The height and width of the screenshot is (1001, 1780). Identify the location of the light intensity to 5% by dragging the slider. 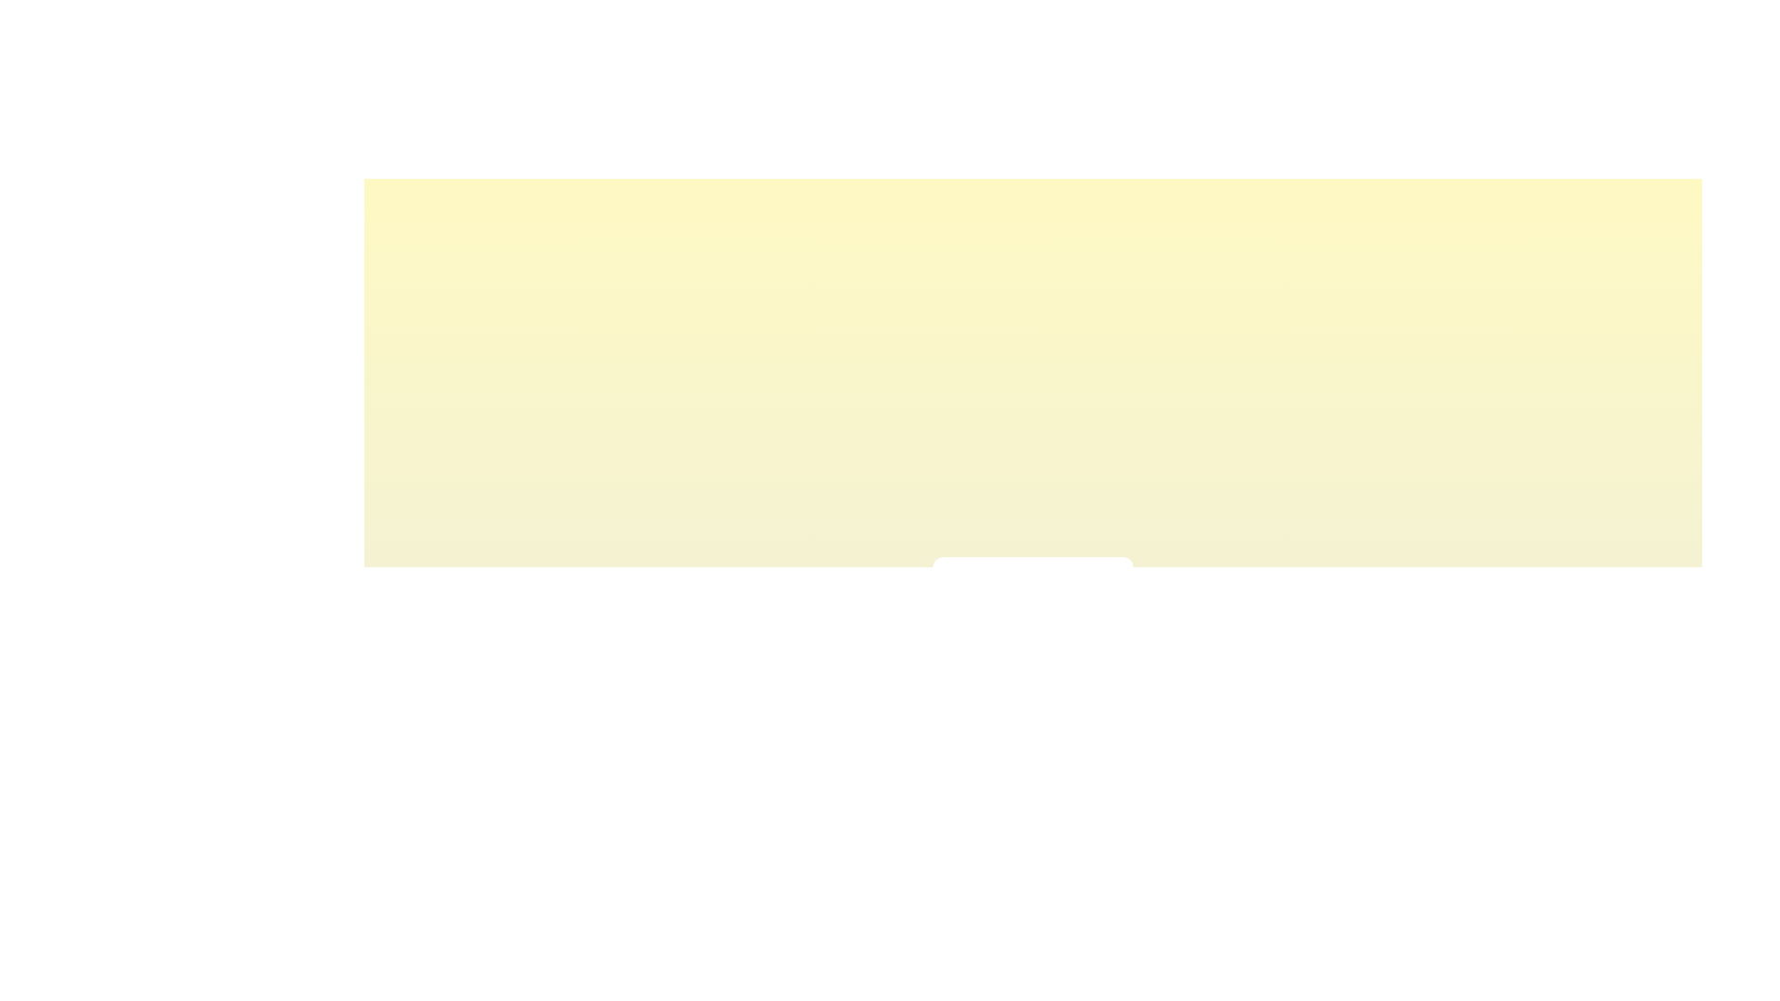
(962, 627).